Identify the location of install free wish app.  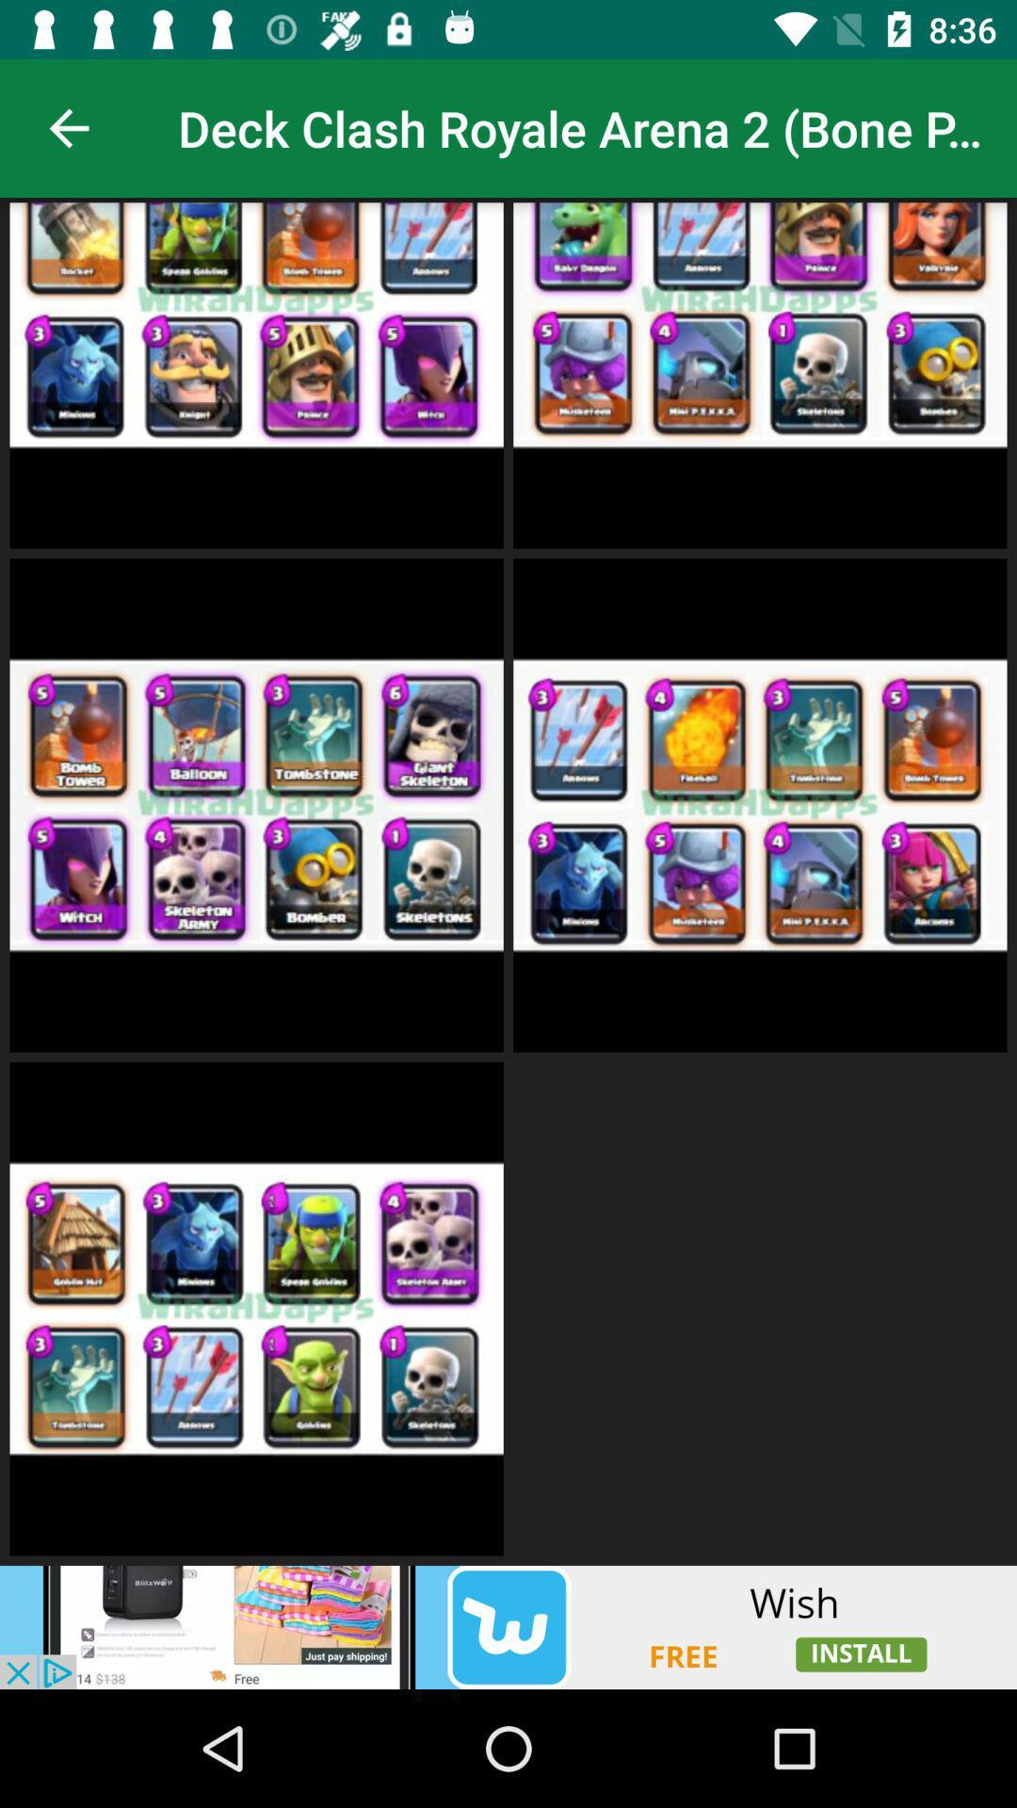
(508, 1626).